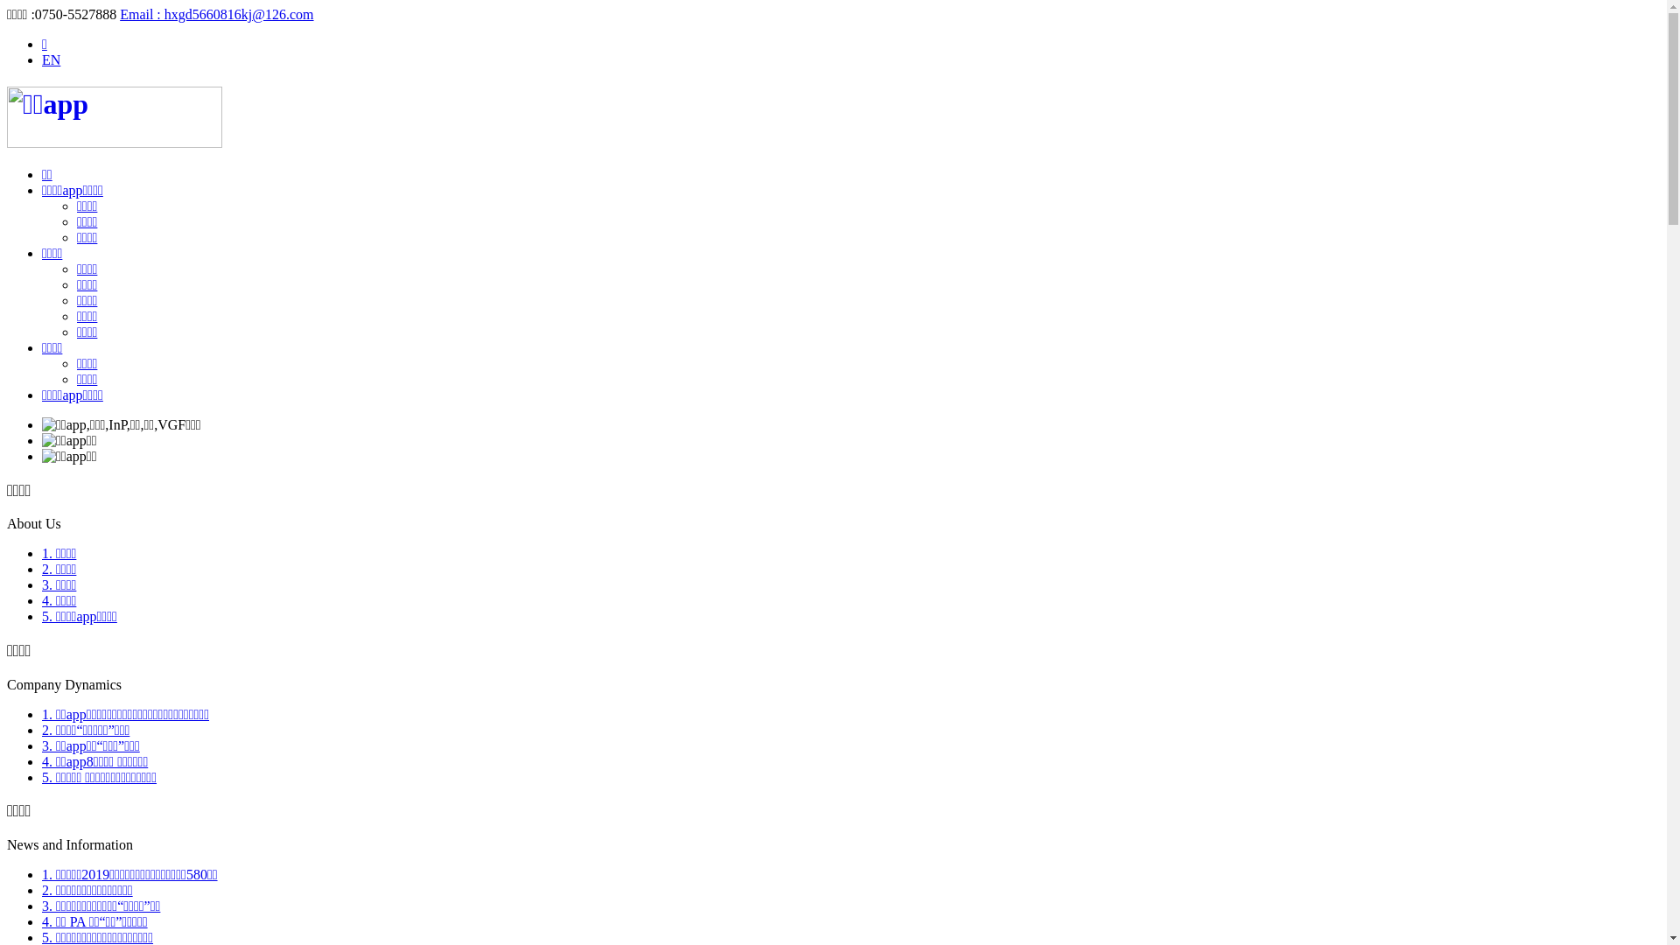  Describe the element at coordinates (51, 59) in the screenshot. I see `'EN'` at that location.